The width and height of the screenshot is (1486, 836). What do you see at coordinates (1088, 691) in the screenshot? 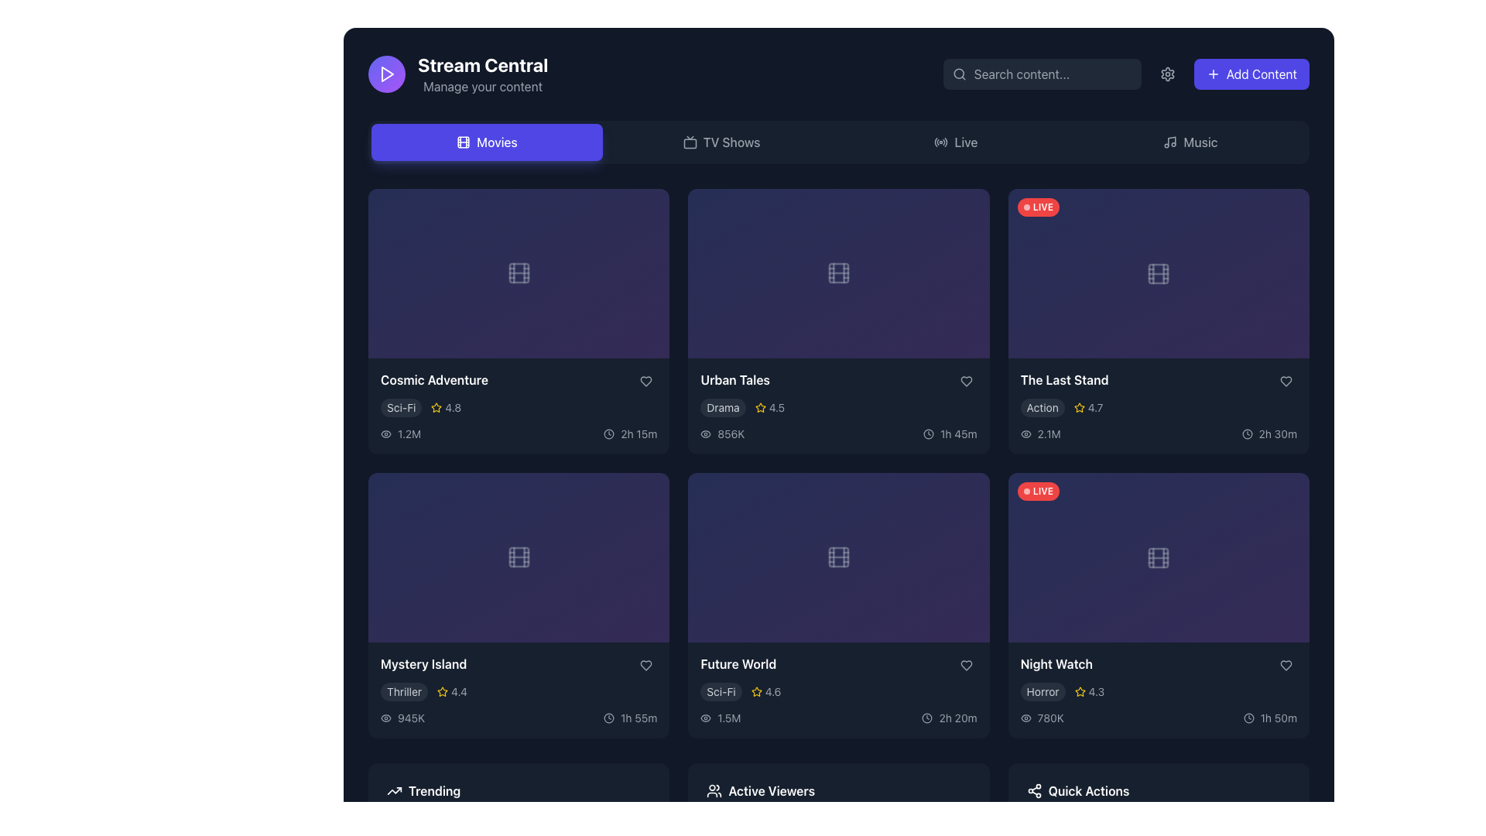
I see `the rating display element for 'Night Watch', which is located below the genre tag 'Horror' and above the viewers count '780K', positioned to the right of the star icon` at bounding box center [1088, 691].